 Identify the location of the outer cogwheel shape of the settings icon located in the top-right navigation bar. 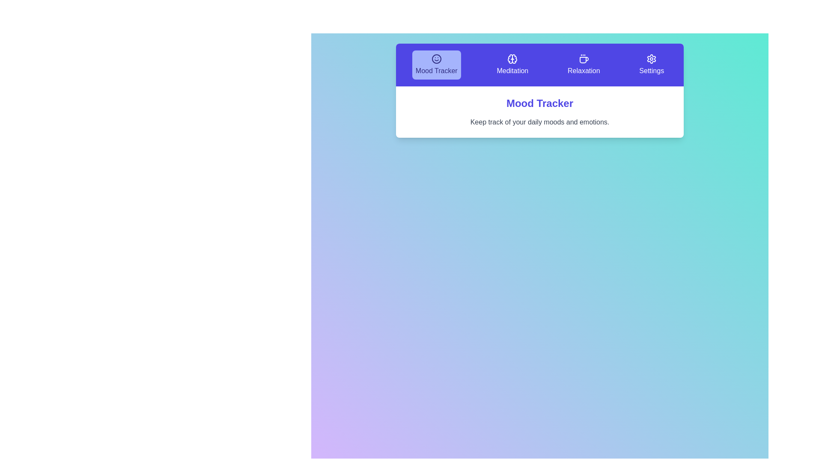
(651, 59).